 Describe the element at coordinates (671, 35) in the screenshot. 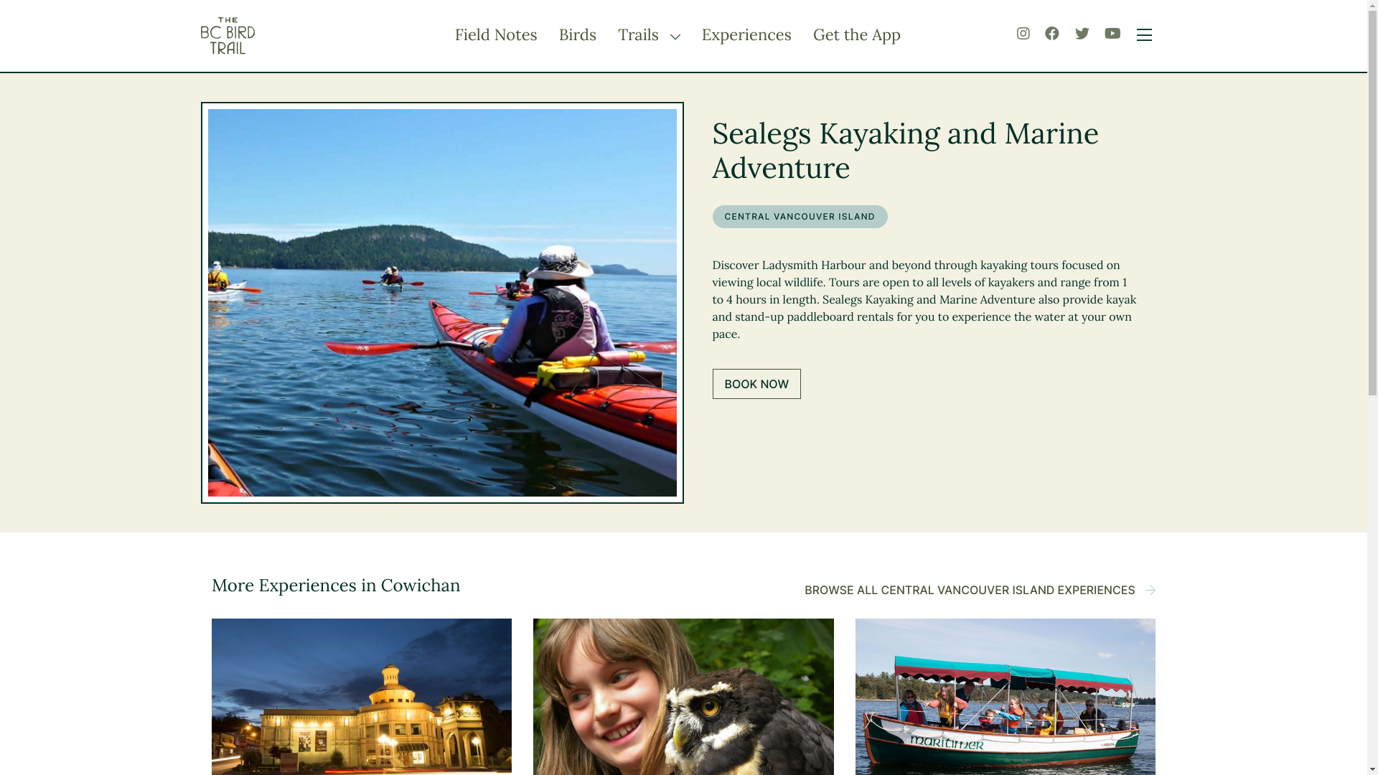

I see `'TOGGLE DROPDOWN'` at that location.